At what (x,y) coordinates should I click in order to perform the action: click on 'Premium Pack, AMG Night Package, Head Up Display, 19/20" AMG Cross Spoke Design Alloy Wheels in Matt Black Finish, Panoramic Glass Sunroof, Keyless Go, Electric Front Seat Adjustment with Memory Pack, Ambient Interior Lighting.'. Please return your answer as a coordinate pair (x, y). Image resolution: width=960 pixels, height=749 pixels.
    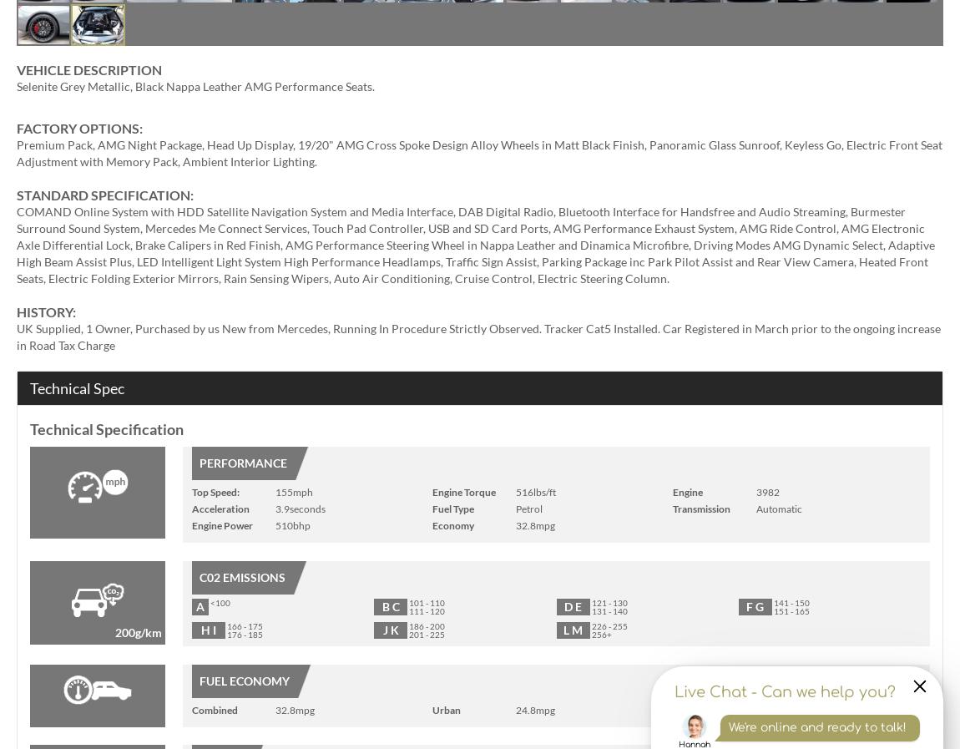
    Looking at the image, I should click on (479, 152).